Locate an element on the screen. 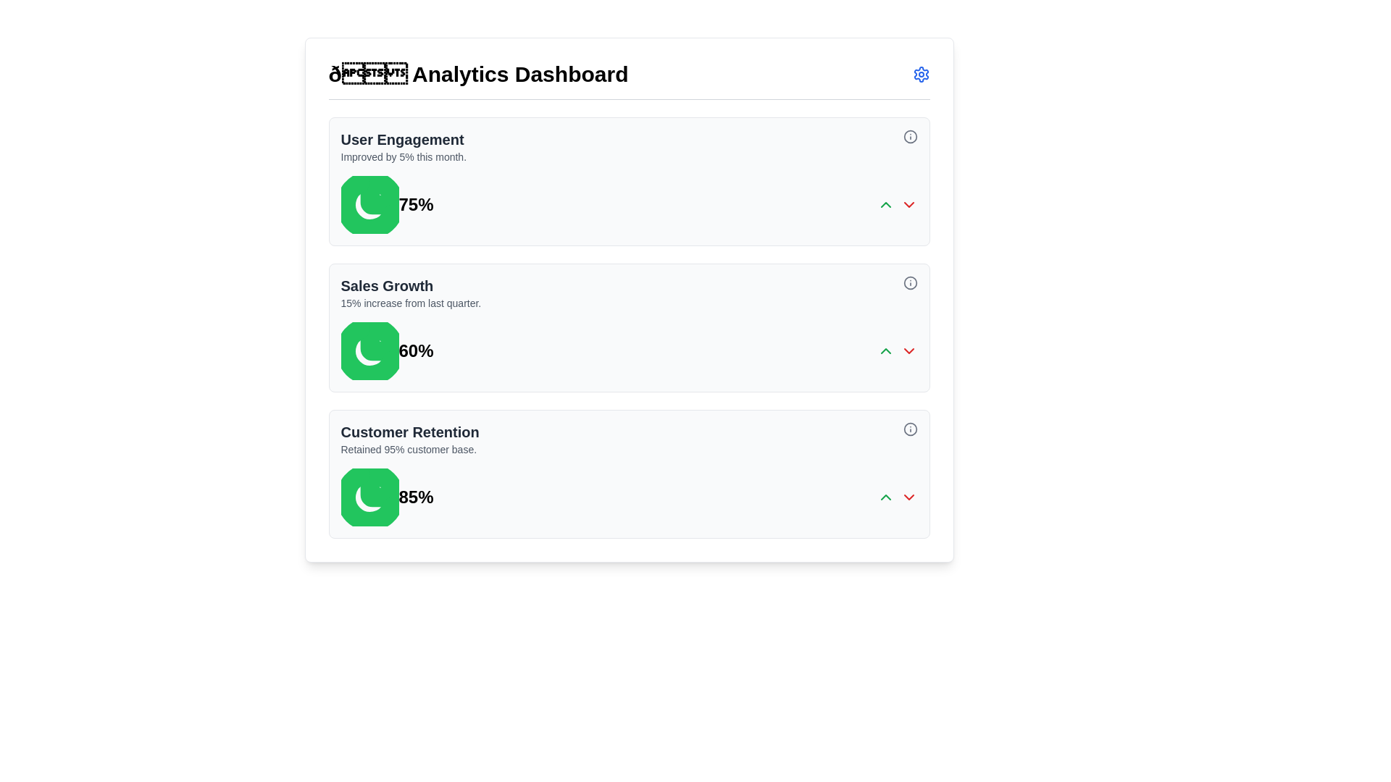 The height and width of the screenshot is (782, 1391). the Text header located at the upper central region of the analytics dashboard, which serves as the title for the page is located at coordinates (478, 75).